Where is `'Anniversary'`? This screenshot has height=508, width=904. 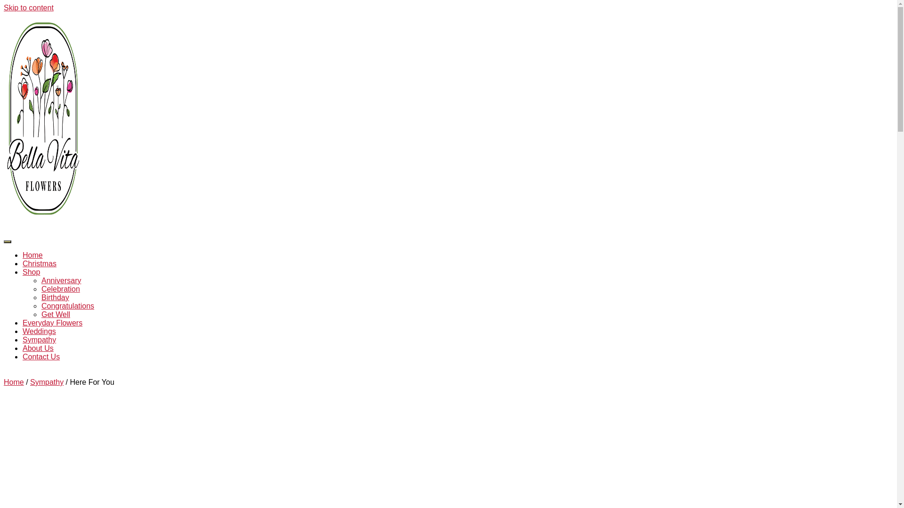 'Anniversary' is located at coordinates (60, 280).